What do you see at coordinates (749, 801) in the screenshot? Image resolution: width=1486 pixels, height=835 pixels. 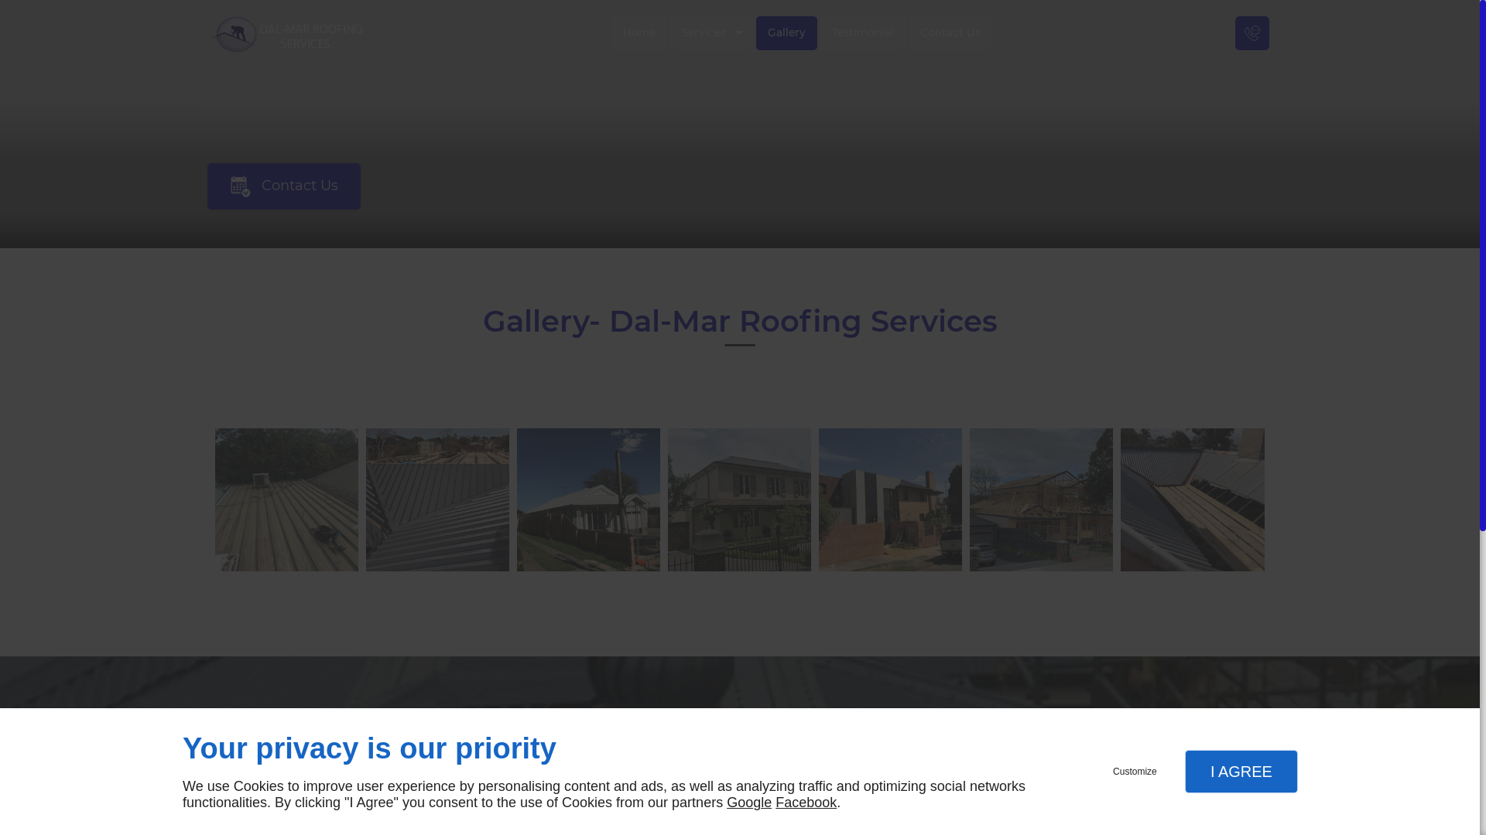 I see `'Google'` at bounding box center [749, 801].